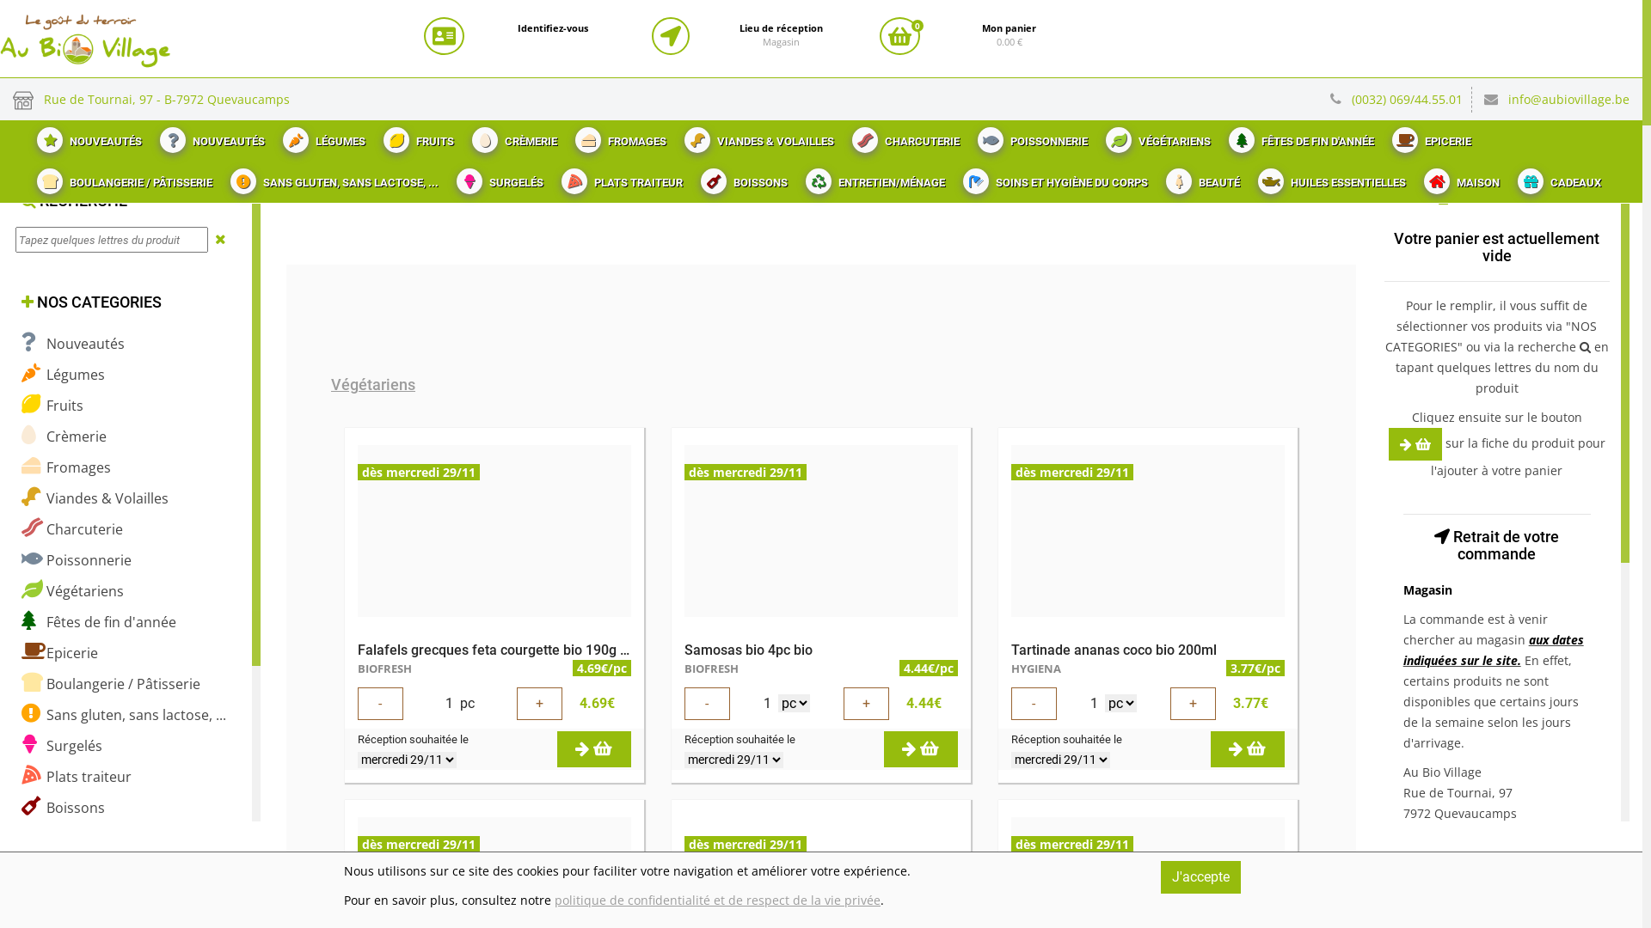  Describe the element at coordinates (1192, 703) in the screenshot. I see `'+'` at that location.